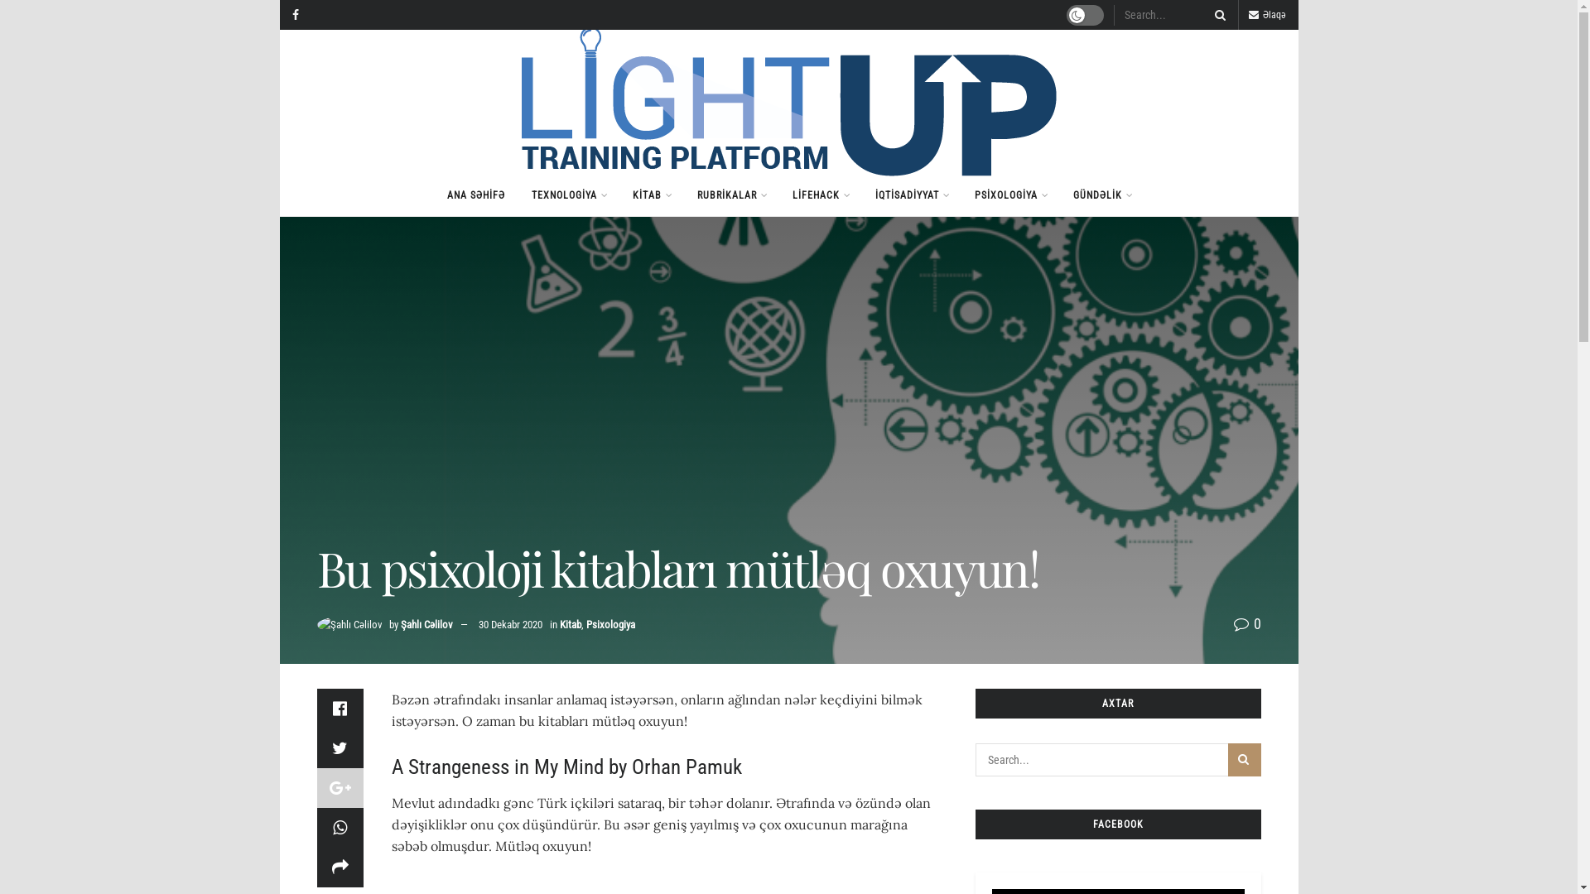 This screenshot has height=894, width=1590. What do you see at coordinates (1247, 623) in the screenshot?
I see `'0'` at bounding box center [1247, 623].